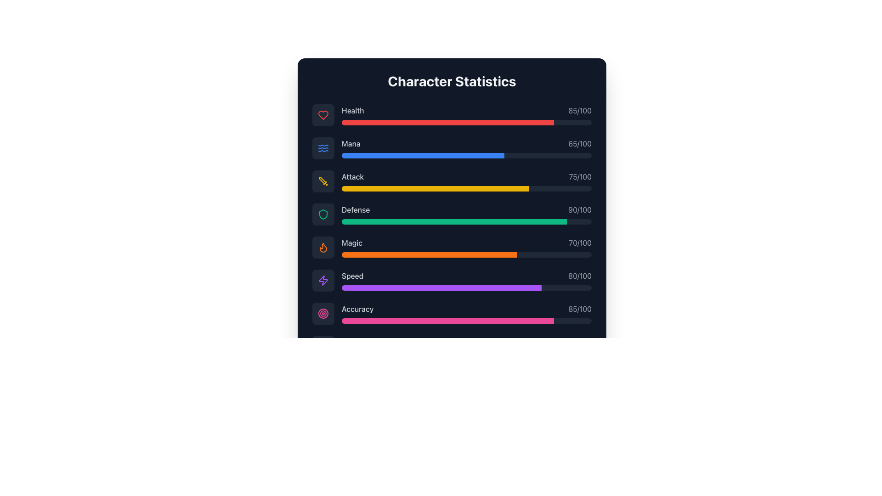  Describe the element at coordinates (355, 209) in the screenshot. I see `the 'Defense' text label in the character statistics interface, which is located in the fourth row of the statistics list, preceding 'Magic' and following 'Attack'` at that location.